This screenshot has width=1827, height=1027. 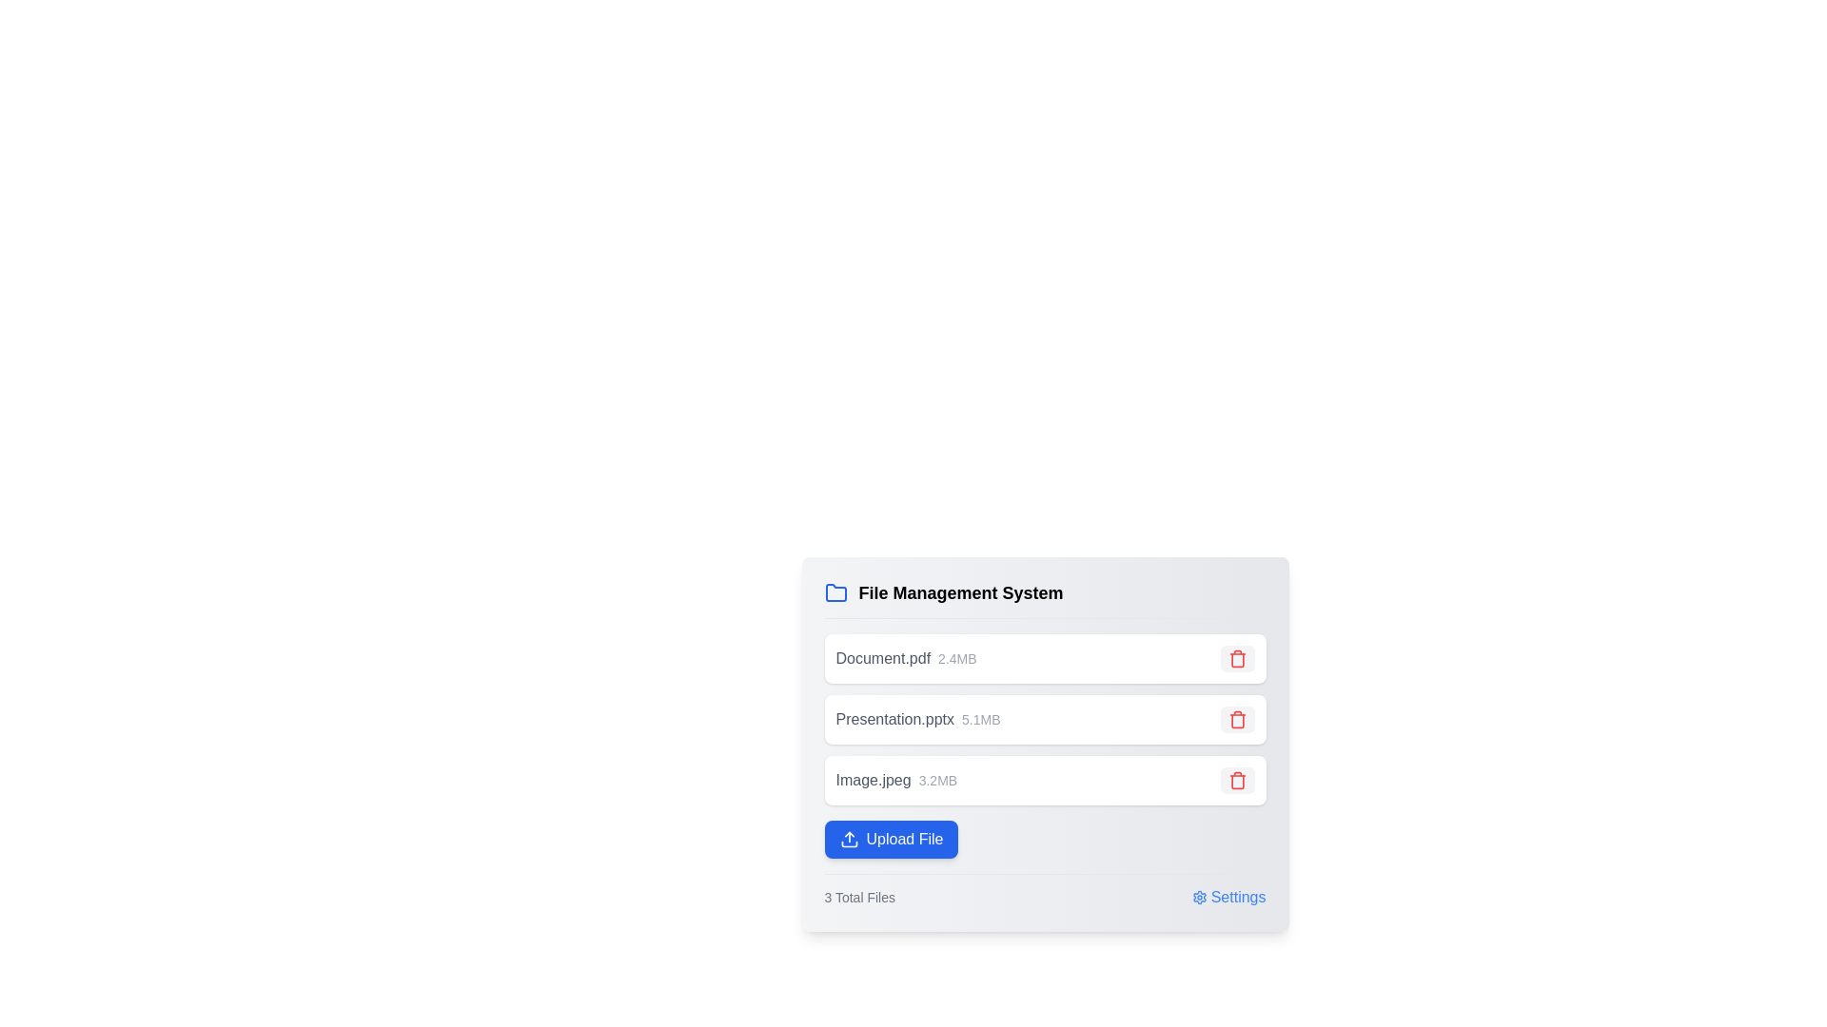 What do you see at coordinates (873, 781) in the screenshot?
I see `the static text element displaying the name of a file in the third row of the file management interface, which is left-aligned with the file size '3.2MB' to its right` at bounding box center [873, 781].